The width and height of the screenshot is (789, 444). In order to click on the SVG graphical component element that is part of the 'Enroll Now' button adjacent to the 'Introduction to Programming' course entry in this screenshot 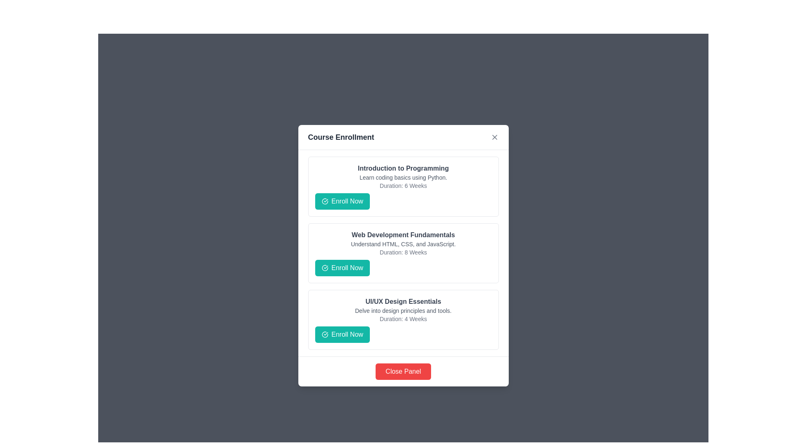, I will do `click(324, 201)`.